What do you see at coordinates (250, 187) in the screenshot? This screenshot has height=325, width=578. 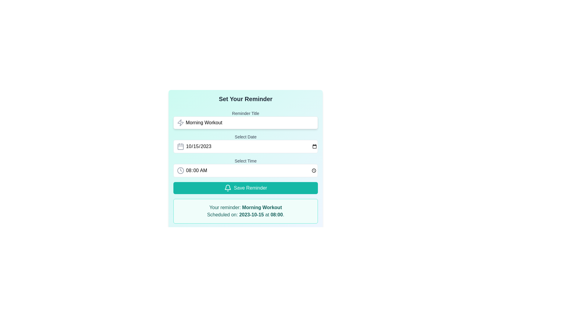 I see `the text label within the 'Save Reminder' button that indicates the action of saving reminders` at bounding box center [250, 187].